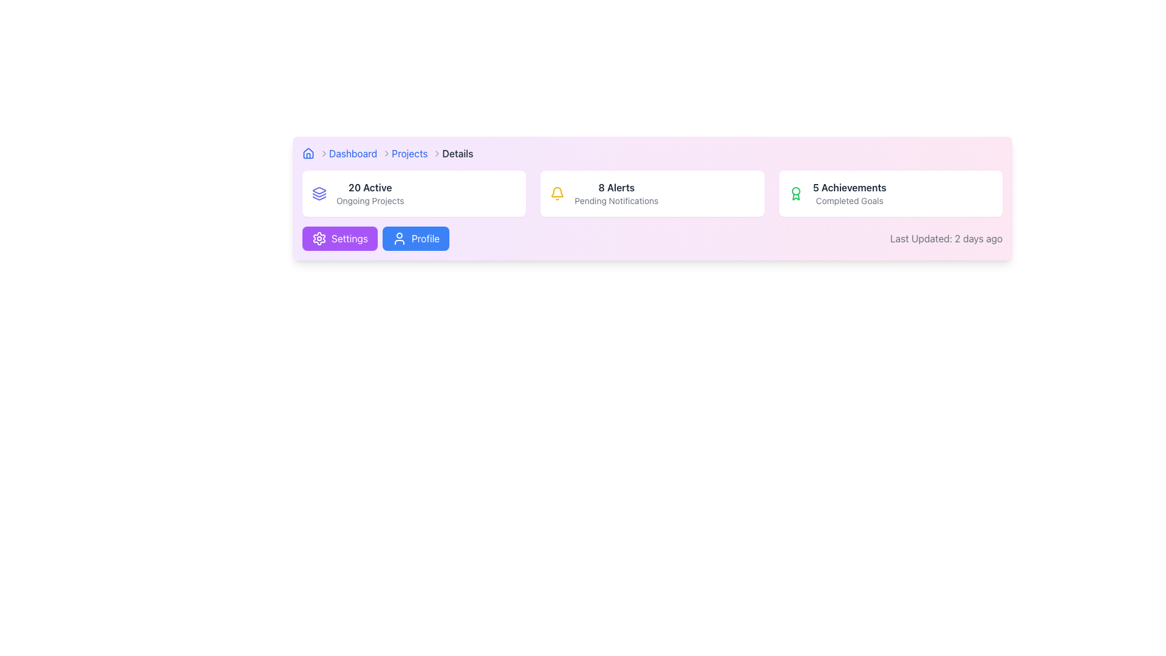  What do you see at coordinates (796, 191) in the screenshot?
I see `decorative circle element within the SVG icon located next to the '5 Achievements' text in the achievements section` at bounding box center [796, 191].